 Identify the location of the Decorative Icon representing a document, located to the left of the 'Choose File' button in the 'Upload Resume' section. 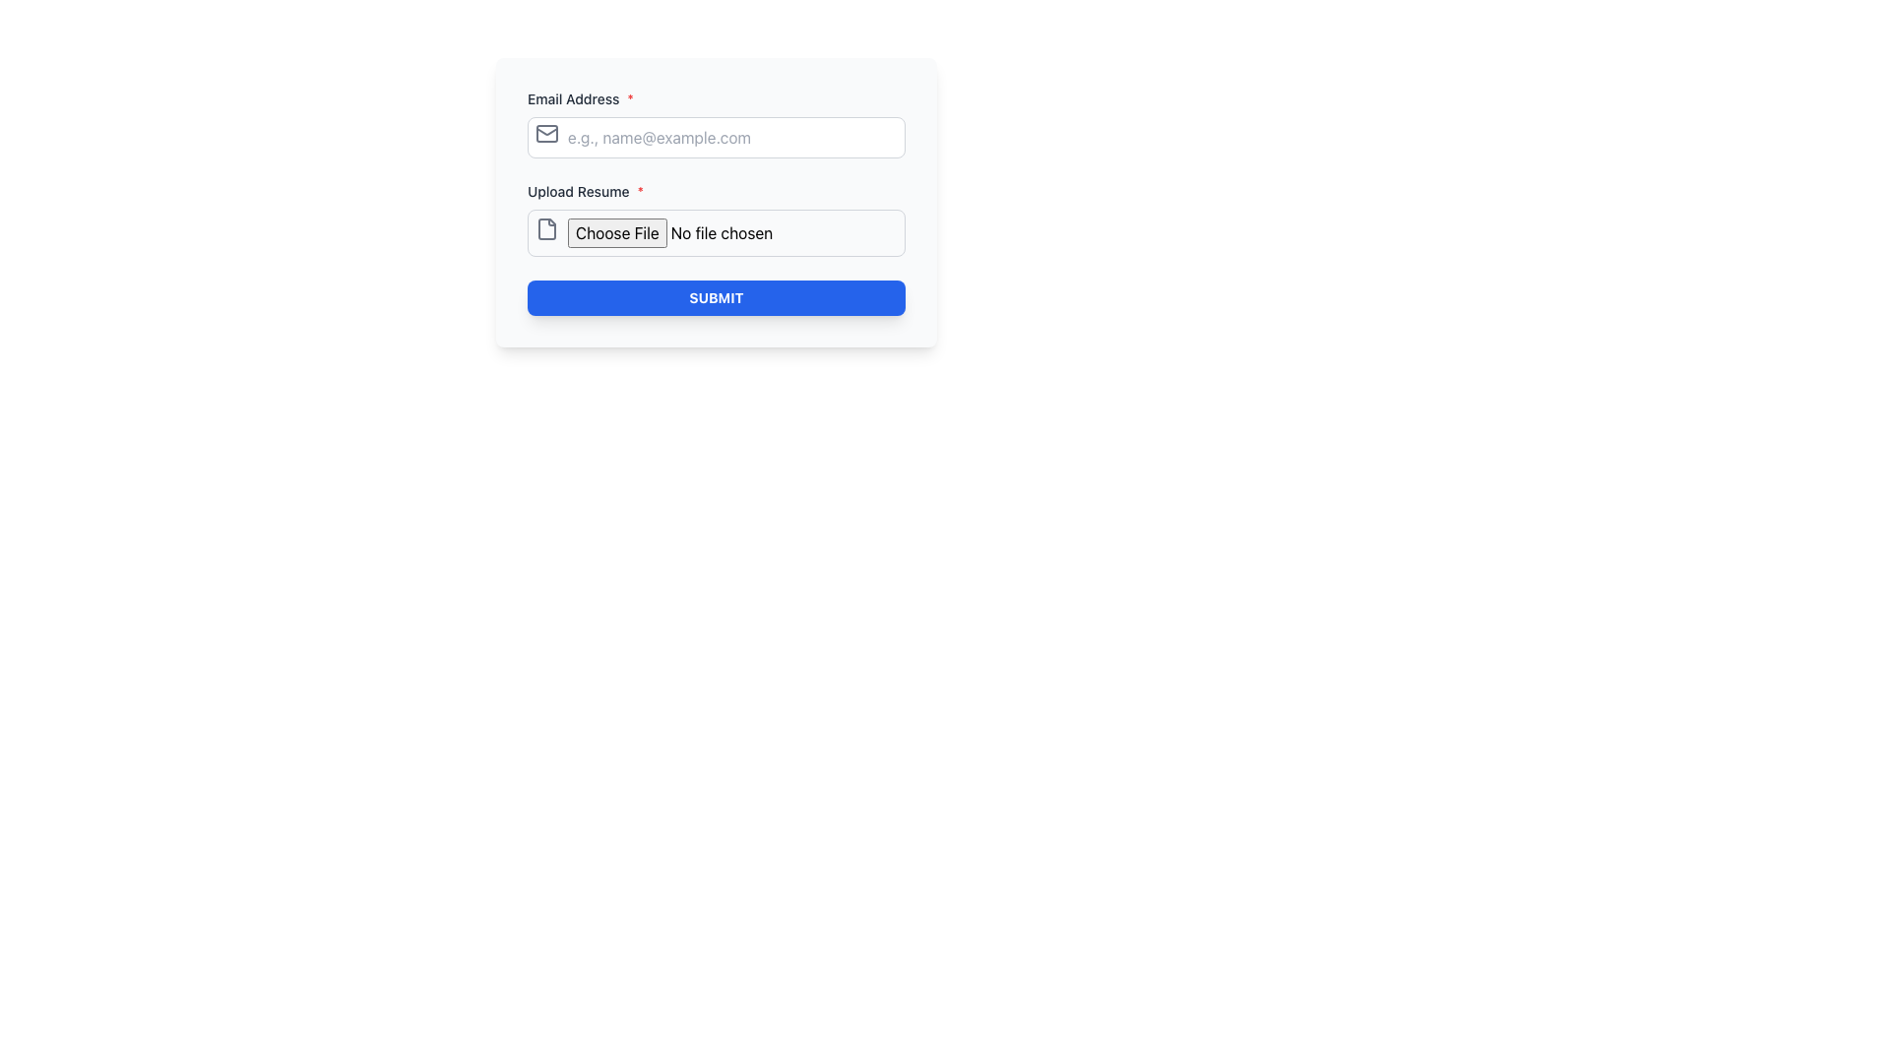
(547, 227).